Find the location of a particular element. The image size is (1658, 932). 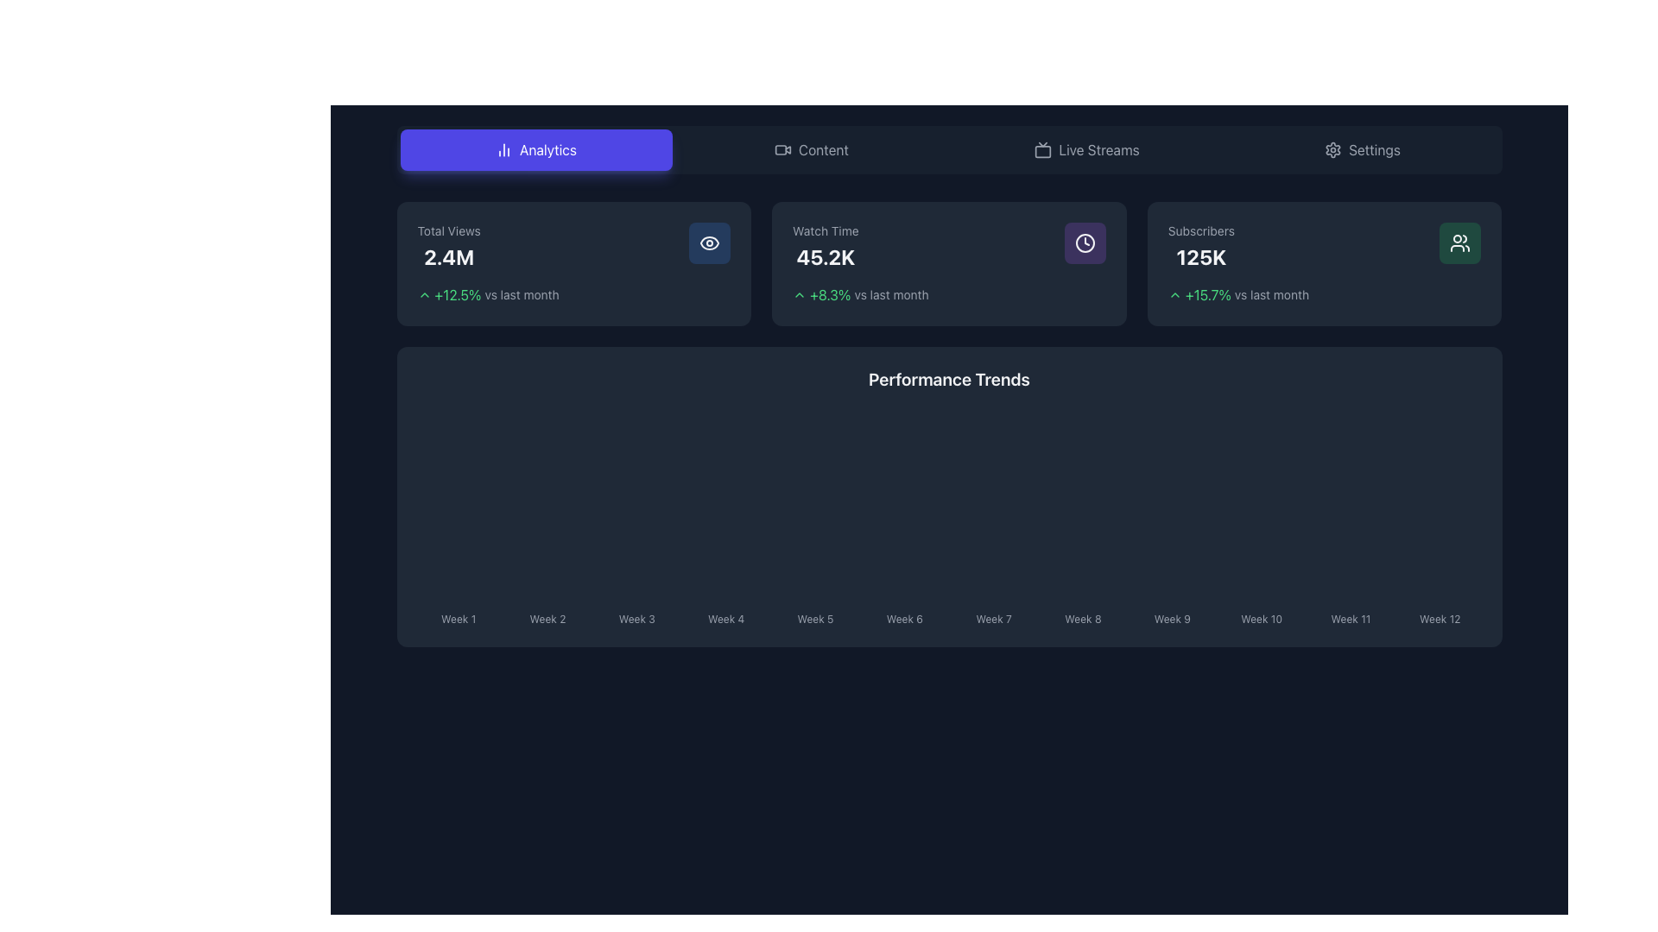

the text label indicating the seventh week in the chronological series, located in the lower central section of the interface is located at coordinates (994, 618).